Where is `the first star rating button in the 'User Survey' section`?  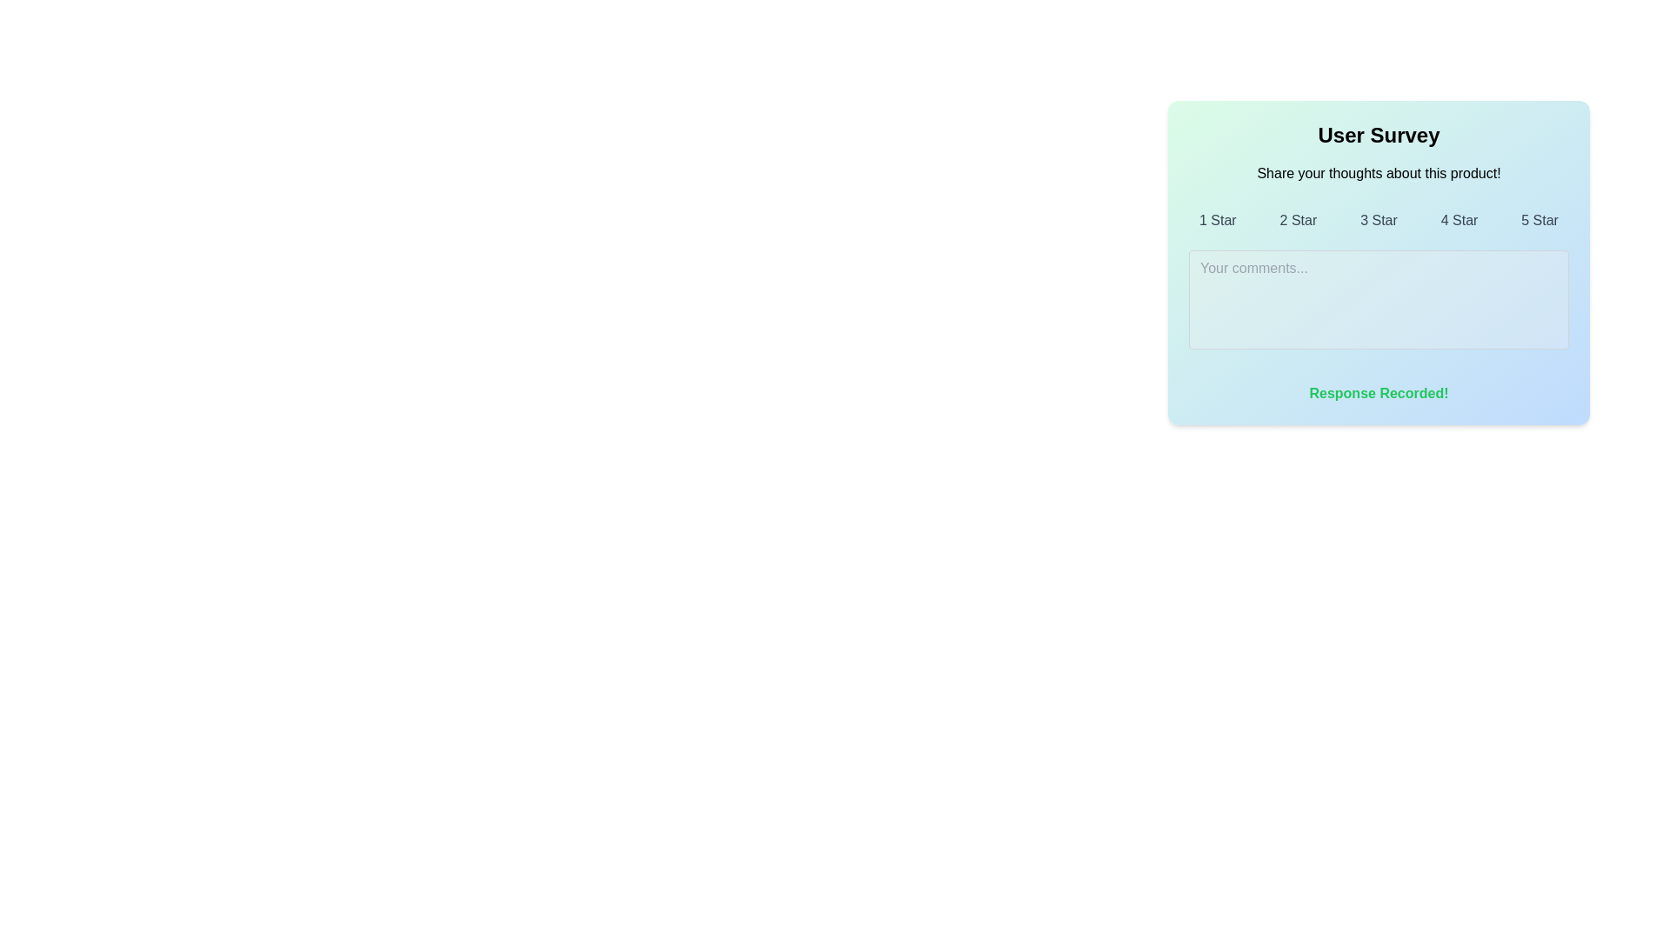 the first star rating button in the 'User Survey' section is located at coordinates (1217, 220).